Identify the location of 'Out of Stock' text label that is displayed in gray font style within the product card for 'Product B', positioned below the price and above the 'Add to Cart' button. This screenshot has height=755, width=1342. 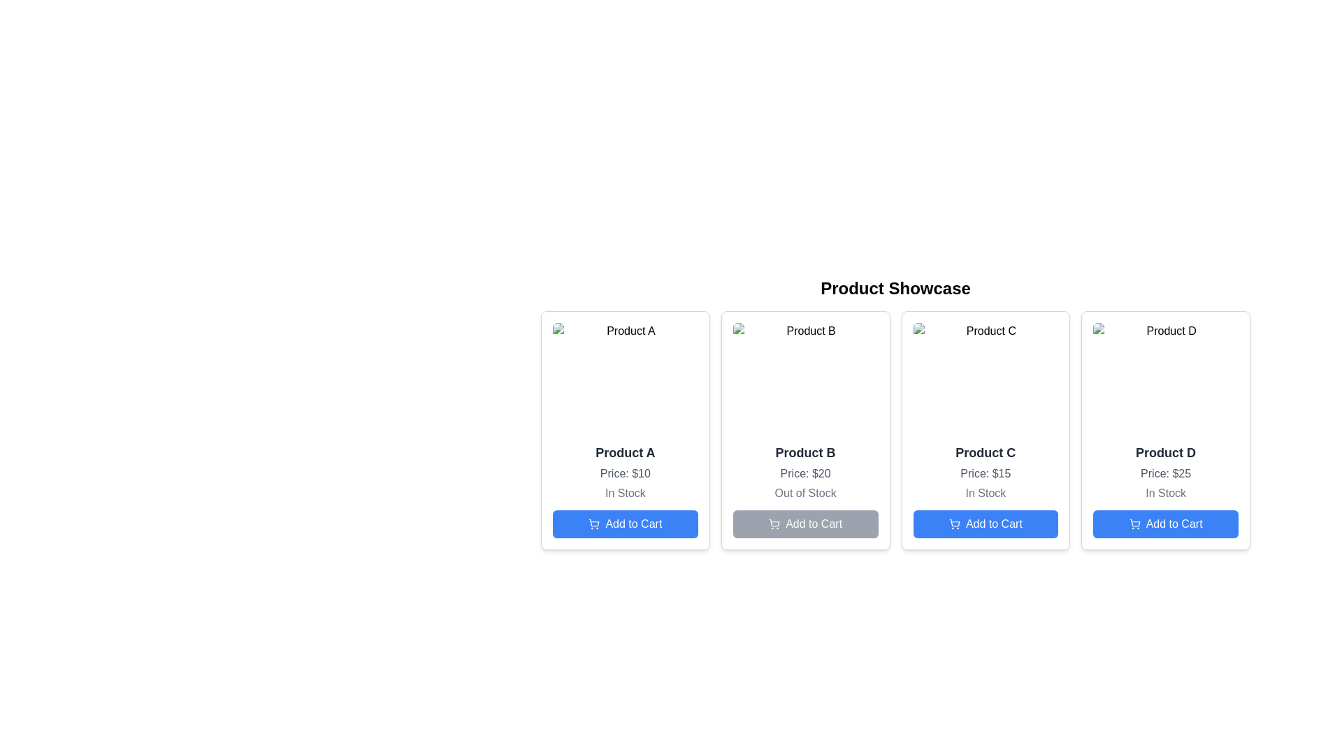
(805, 492).